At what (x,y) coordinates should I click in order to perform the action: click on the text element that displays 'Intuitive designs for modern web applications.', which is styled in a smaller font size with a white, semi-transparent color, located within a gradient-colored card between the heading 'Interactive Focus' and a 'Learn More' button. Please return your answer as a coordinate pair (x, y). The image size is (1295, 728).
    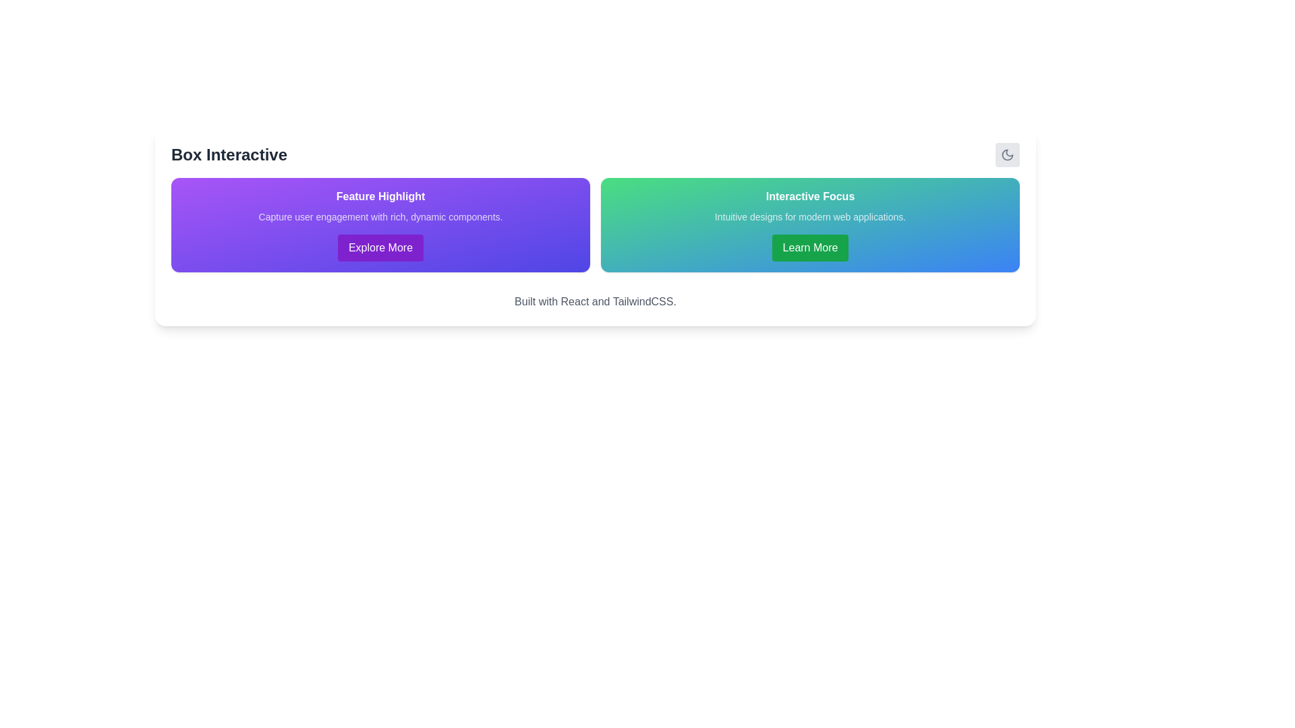
    Looking at the image, I should click on (809, 216).